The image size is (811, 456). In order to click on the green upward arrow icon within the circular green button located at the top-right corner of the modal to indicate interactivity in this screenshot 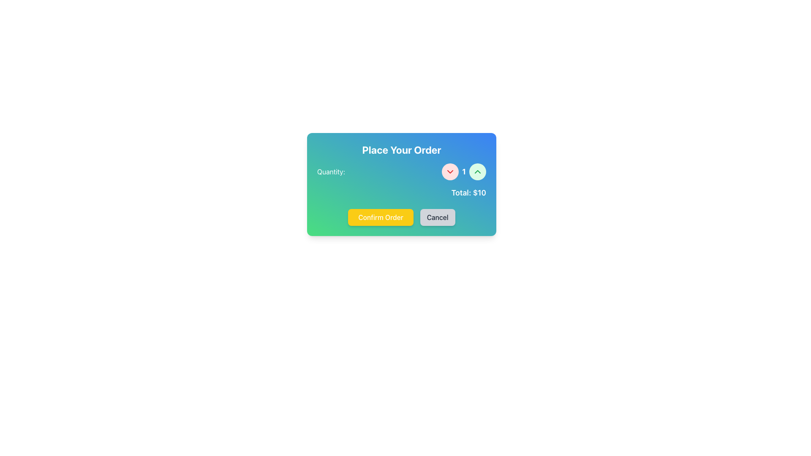, I will do `click(478, 171)`.